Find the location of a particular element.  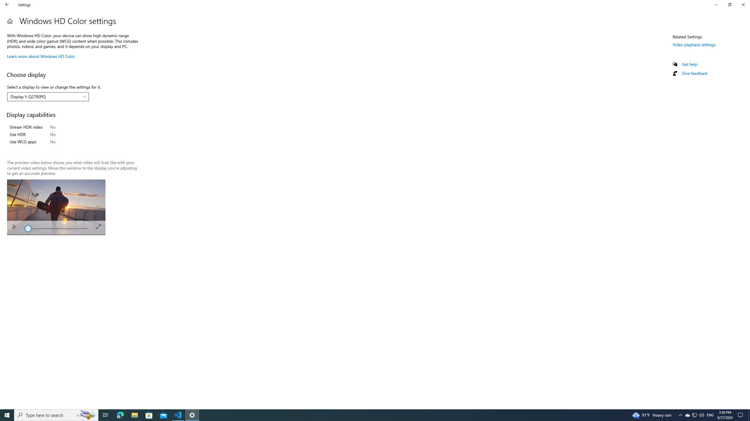

'Video playback settings' is located at coordinates (694, 44).